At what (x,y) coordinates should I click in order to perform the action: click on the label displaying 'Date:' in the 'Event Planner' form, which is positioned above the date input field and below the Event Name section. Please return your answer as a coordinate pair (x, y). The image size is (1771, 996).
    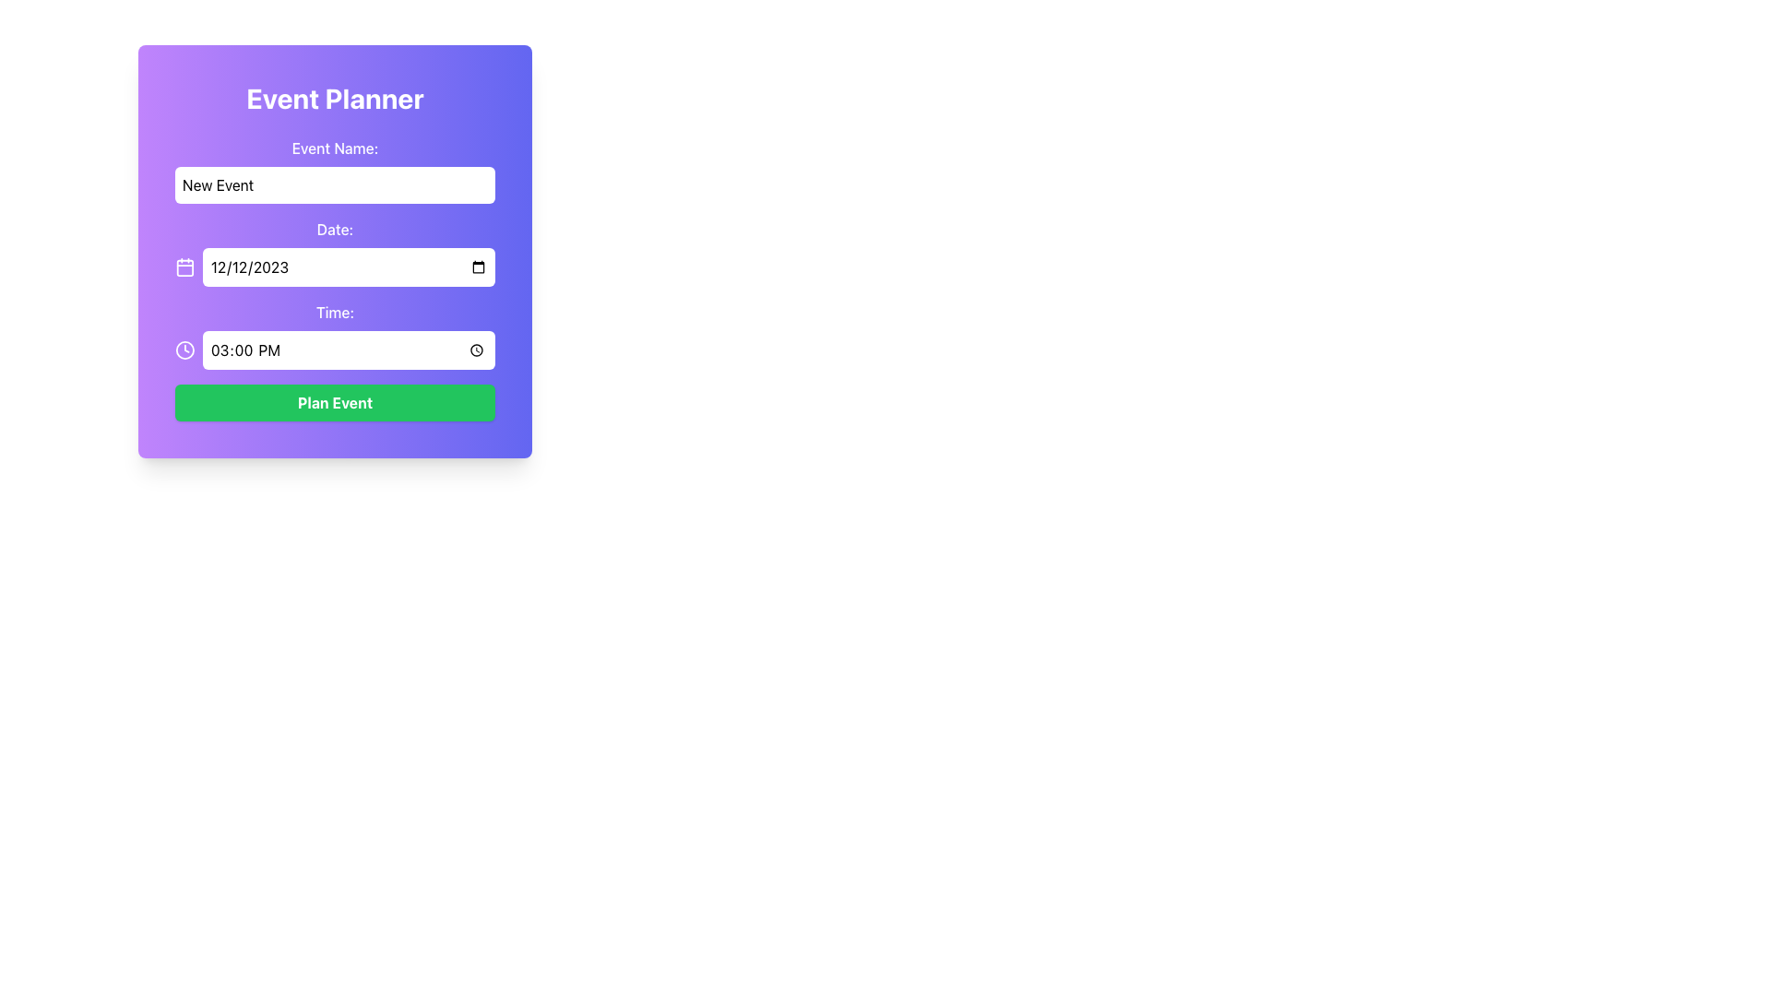
    Looking at the image, I should click on (335, 252).